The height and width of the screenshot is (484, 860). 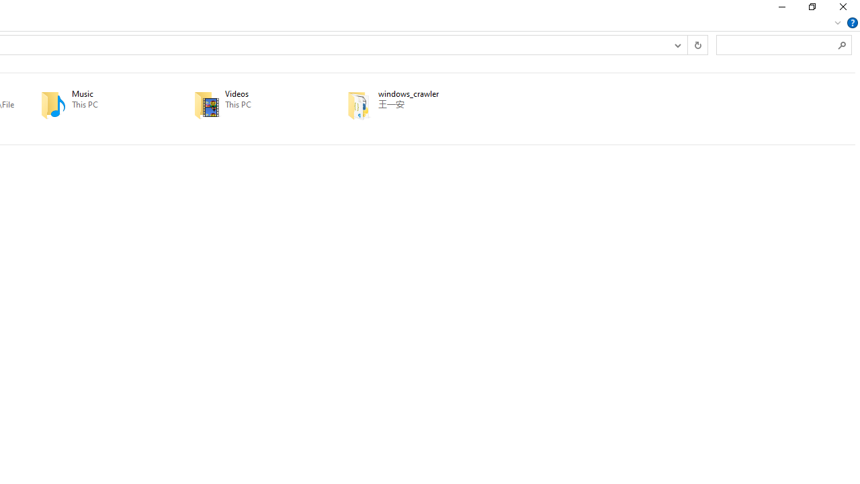 I want to click on 'Restore', so click(x=811, y=10).